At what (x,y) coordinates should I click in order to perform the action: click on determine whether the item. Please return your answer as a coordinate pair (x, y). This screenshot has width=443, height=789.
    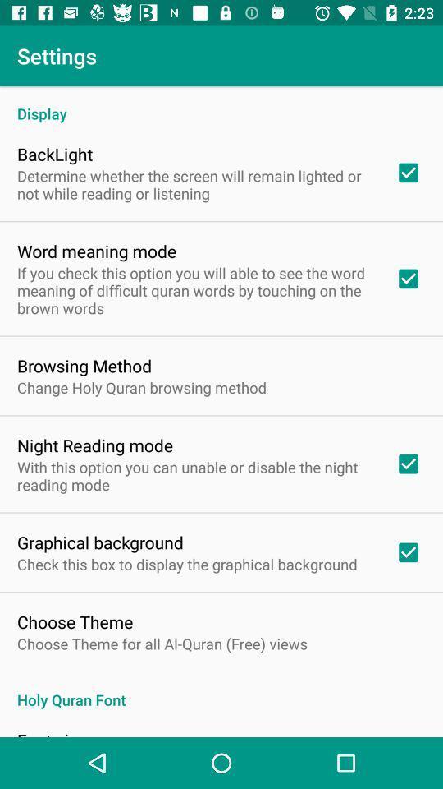
    Looking at the image, I should click on (195, 184).